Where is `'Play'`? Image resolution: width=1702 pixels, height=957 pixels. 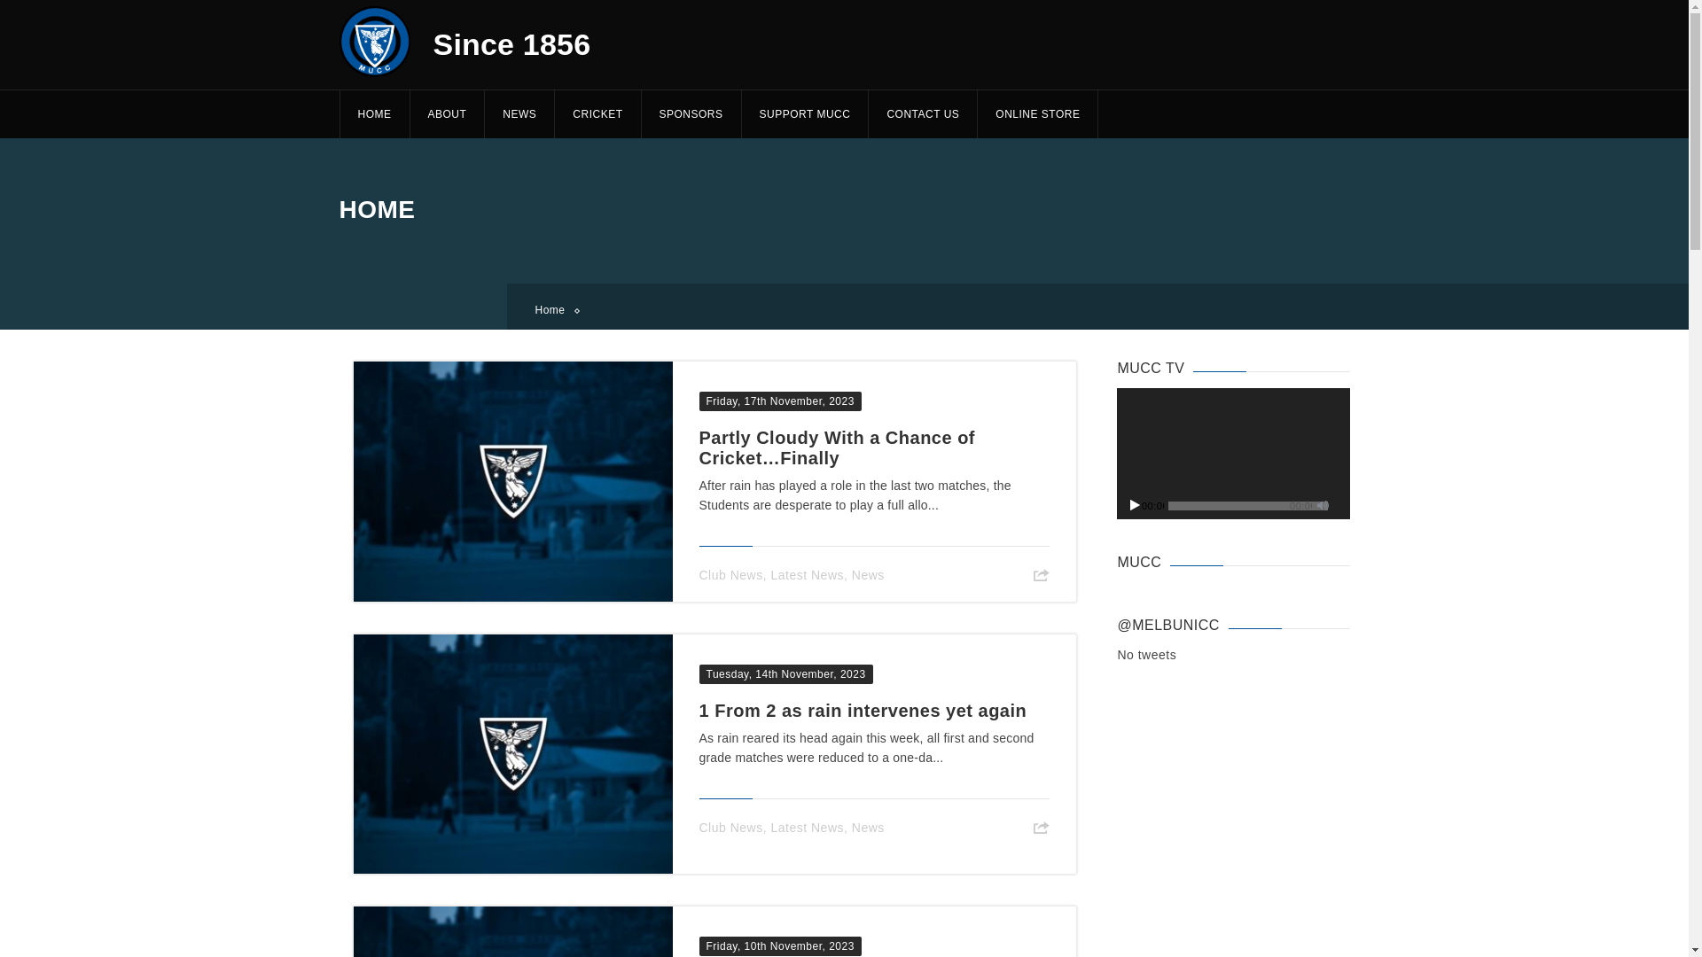 'Play' is located at coordinates (1135, 504).